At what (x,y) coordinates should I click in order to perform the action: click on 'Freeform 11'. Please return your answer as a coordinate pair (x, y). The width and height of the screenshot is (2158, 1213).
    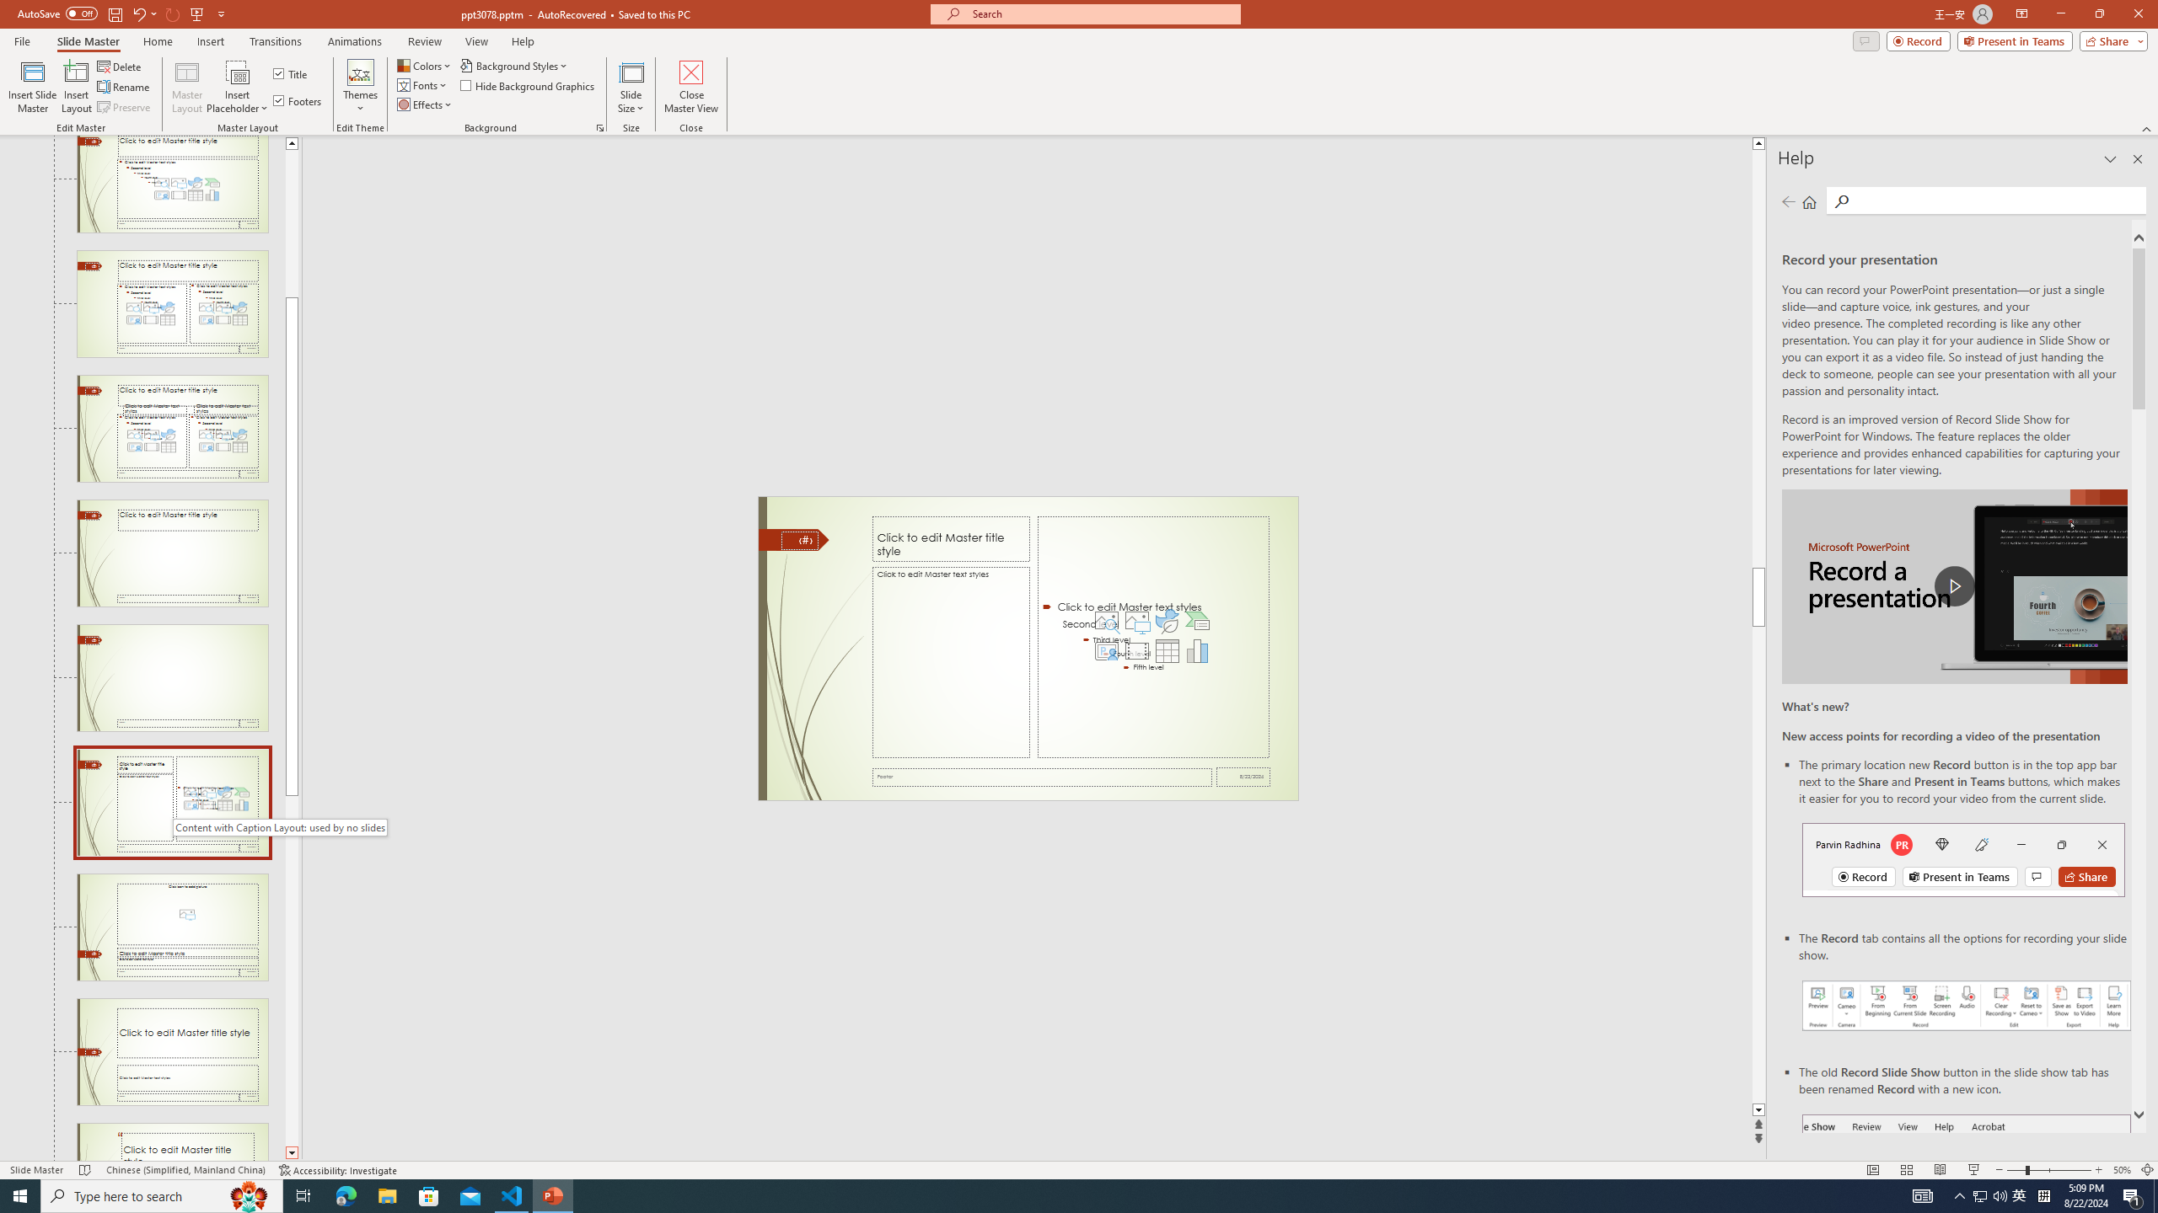
    Looking at the image, I should click on (793, 538).